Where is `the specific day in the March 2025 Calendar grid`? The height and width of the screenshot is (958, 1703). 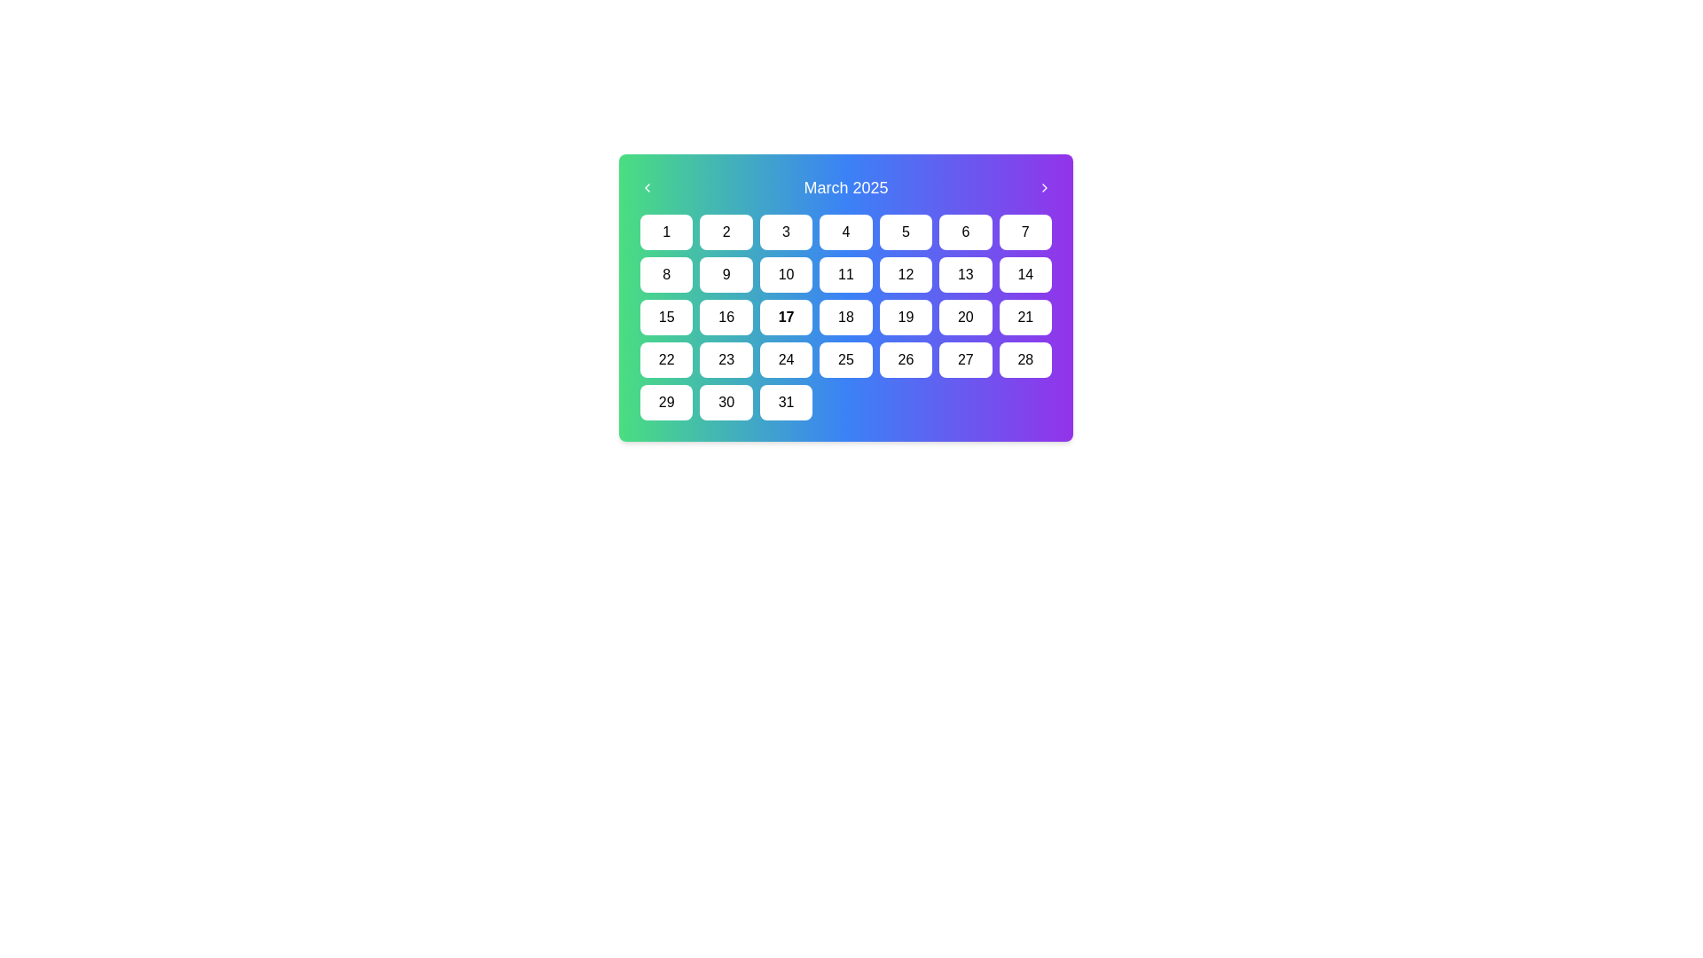
the specific day in the March 2025 Calendar grid is located at coordinates (845, 317).